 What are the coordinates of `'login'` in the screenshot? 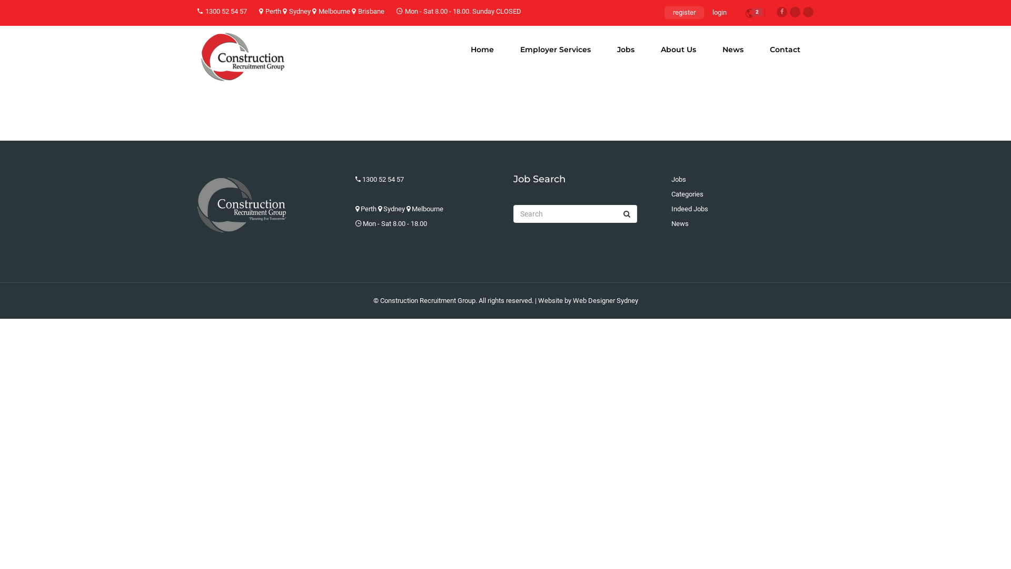 It's located at (719, 12).